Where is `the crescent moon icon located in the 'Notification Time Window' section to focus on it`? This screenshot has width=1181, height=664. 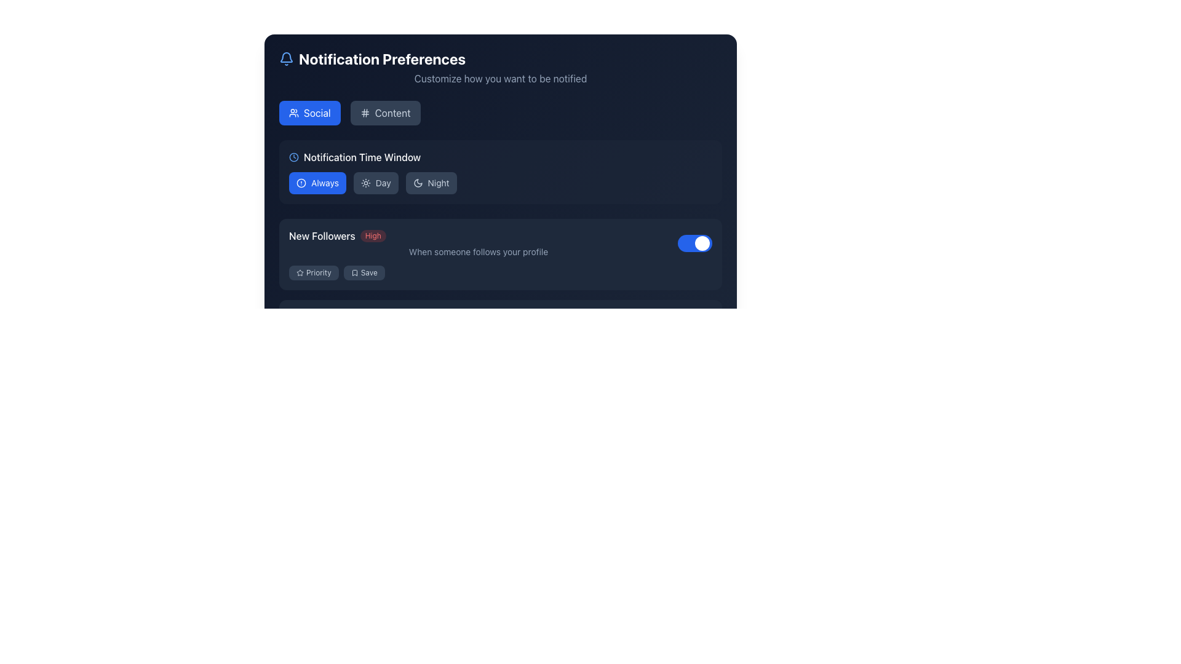 the crescent moon icon located in the 'Notification Time Window' section to focus on it is located at coordinates (418, 183).